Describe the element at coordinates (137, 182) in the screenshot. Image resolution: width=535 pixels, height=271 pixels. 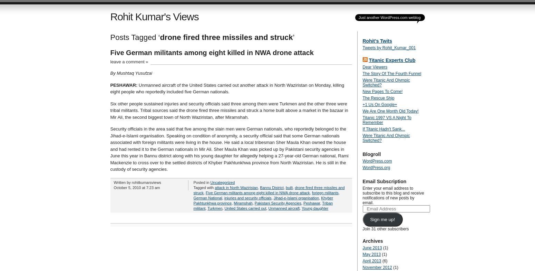
I see `'Written by rohitkumarsviews'` at that location.